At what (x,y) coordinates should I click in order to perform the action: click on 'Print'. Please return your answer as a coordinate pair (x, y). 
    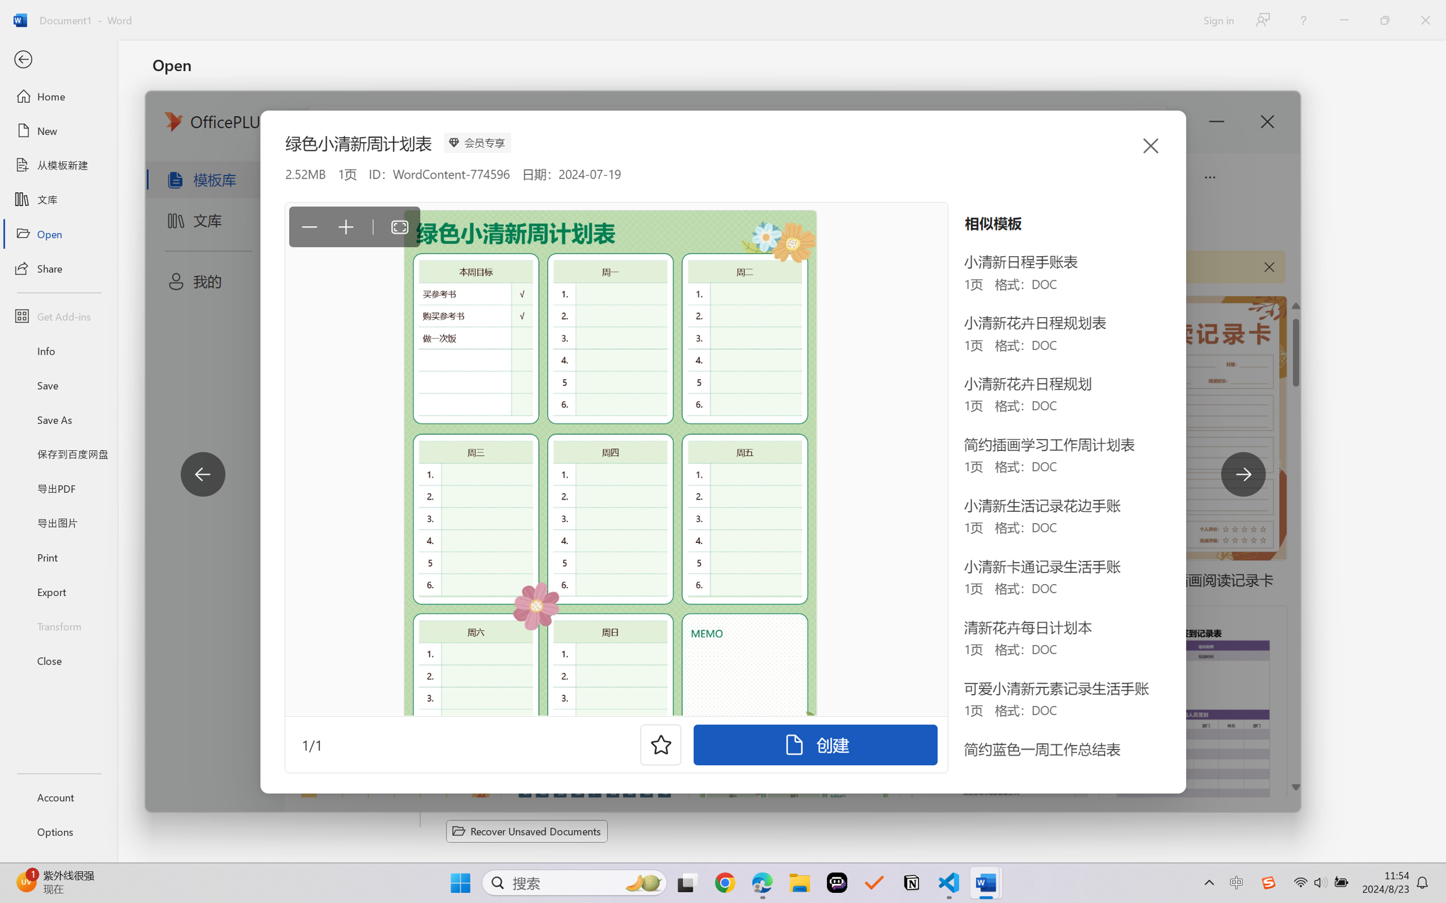
    Looking at the image, I should click on (58, 557).